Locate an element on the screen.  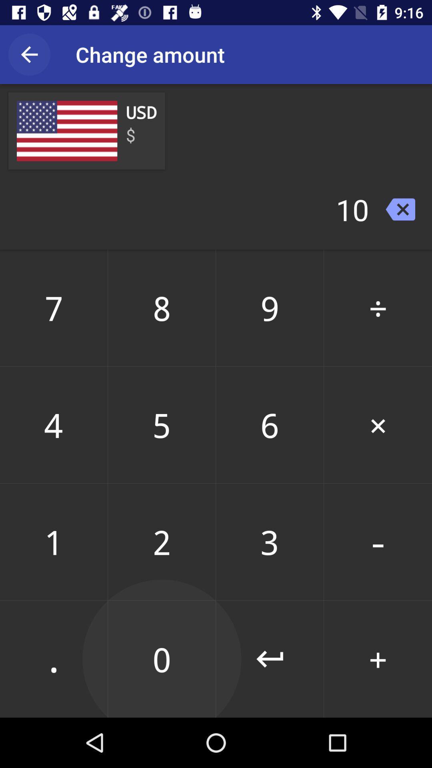
the icon below 9 is located at coordinates (378, 424).